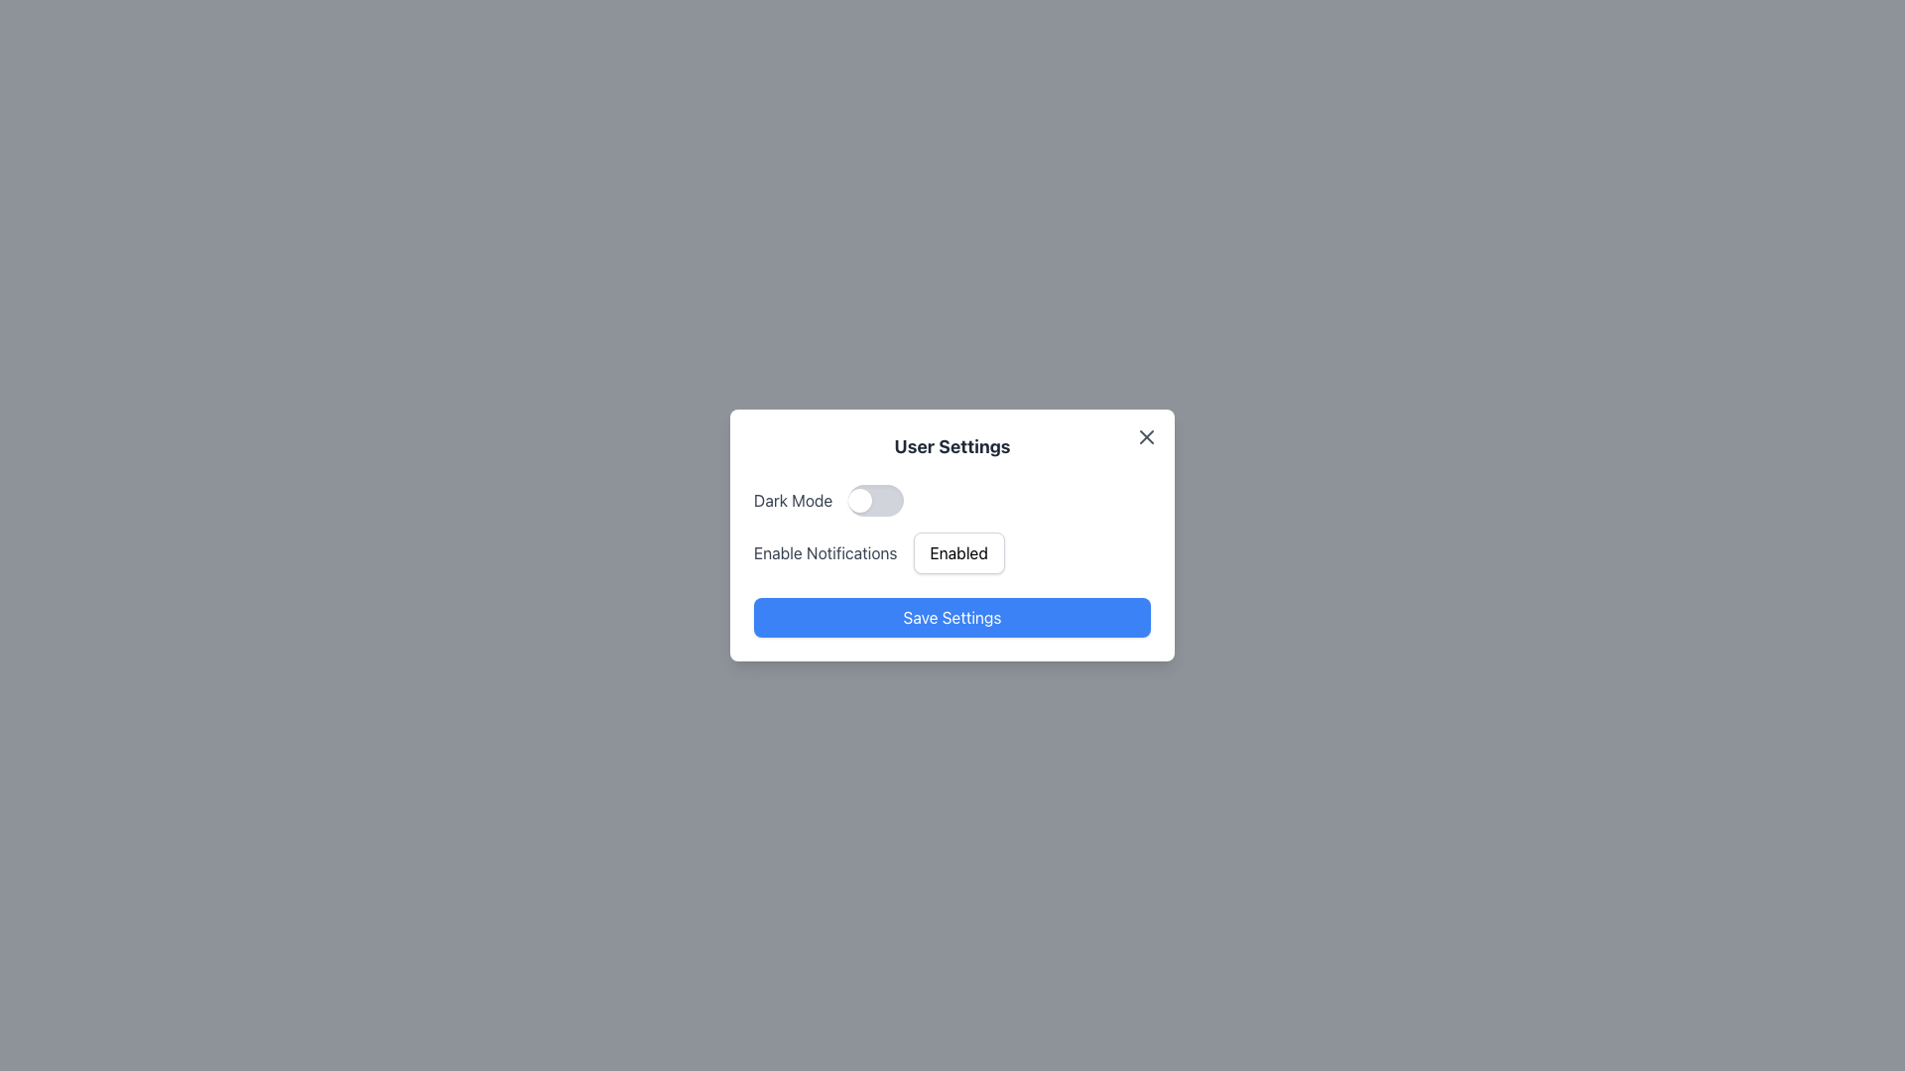 The image size is (1905, 1071). Describe the element at coordinates (952, 553) in the screenshot. I see `the 'Enabled' button on the 'Enable Notifications' toggle to change the notification setting` at that location.